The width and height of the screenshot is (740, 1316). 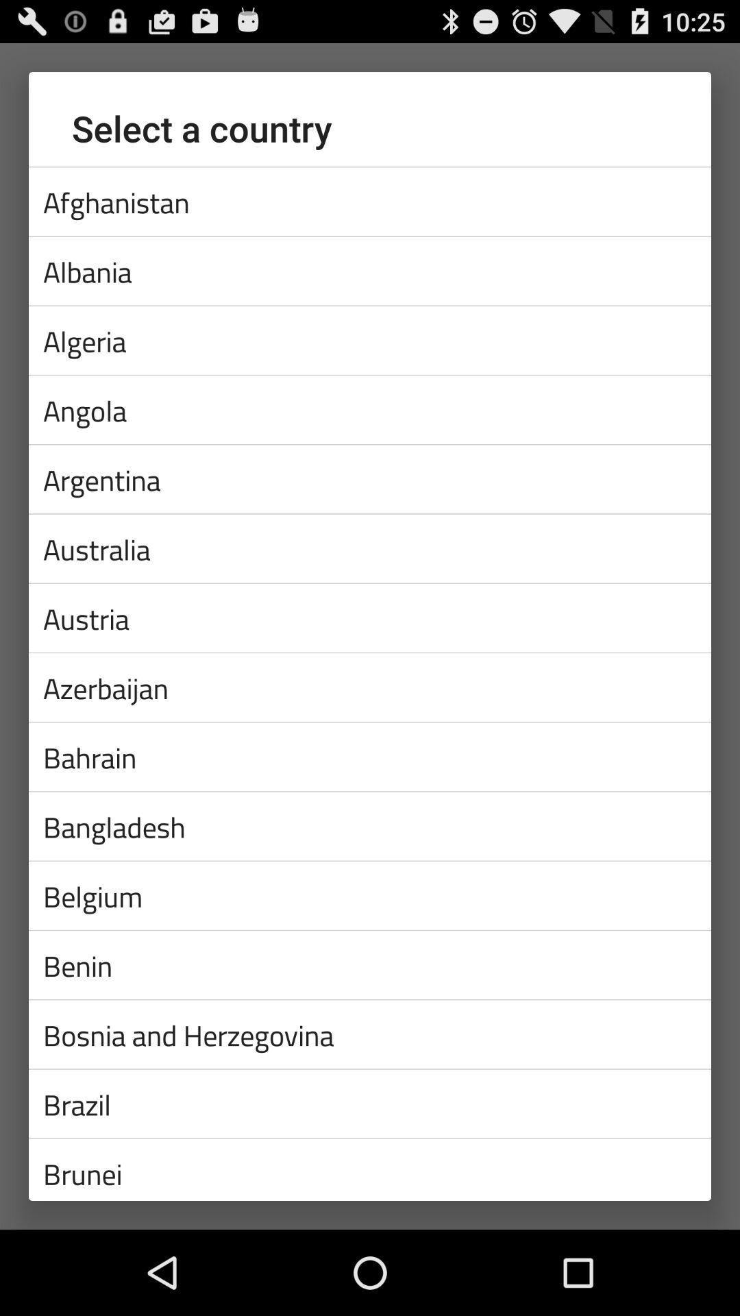 I want to click on afghanistan, so click(x=370, y=201).